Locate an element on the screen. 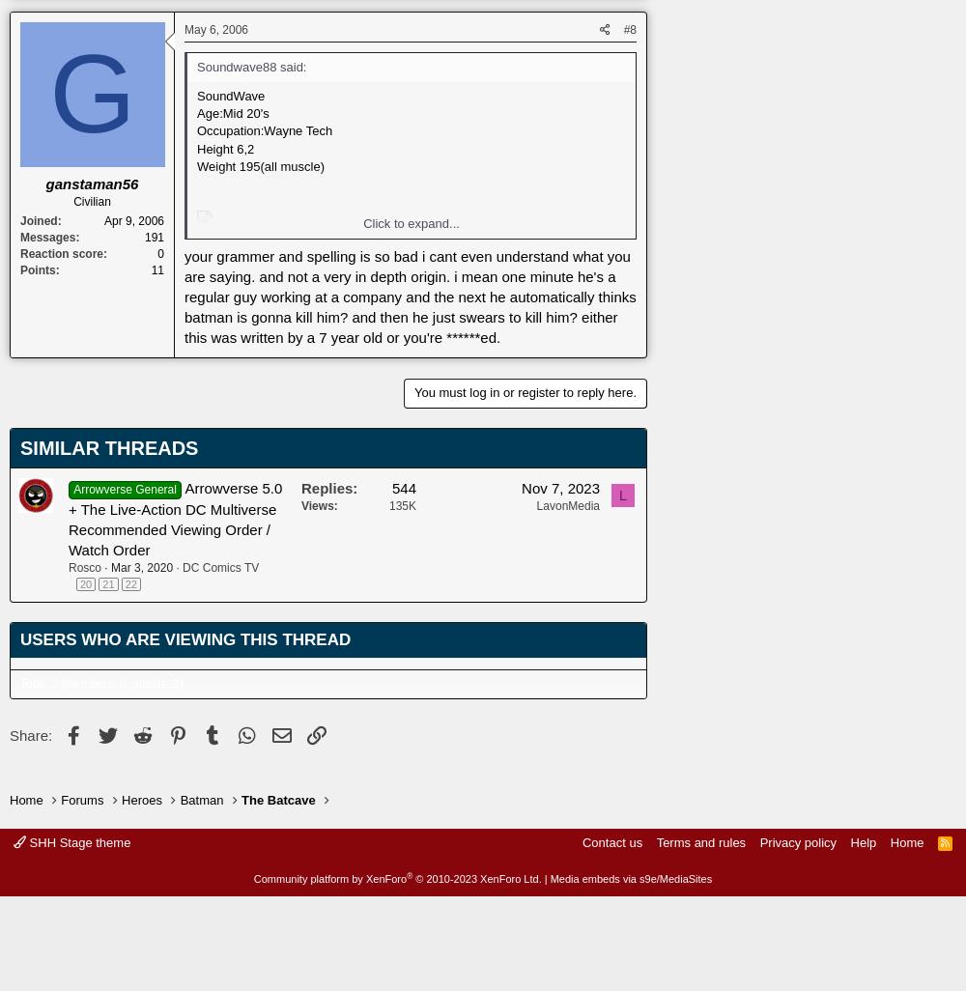  'Forums' is located at coordinates (81, 799).